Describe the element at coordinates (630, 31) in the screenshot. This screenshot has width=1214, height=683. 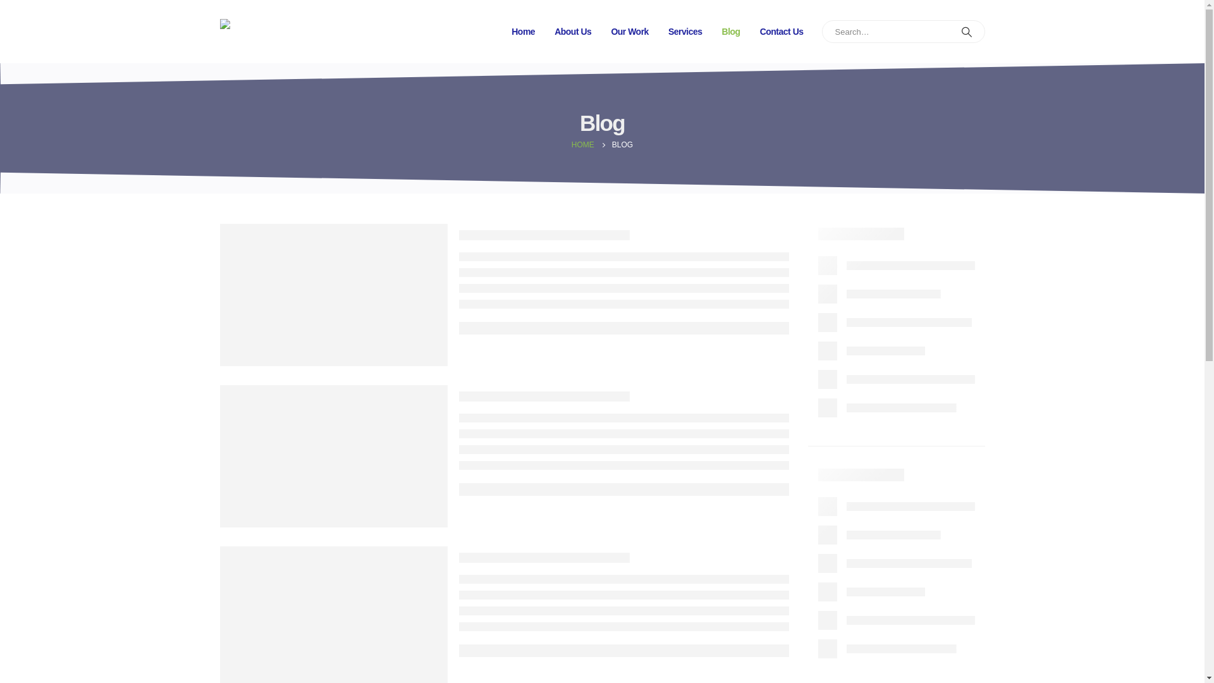
I see `'Our Work'` at that location.